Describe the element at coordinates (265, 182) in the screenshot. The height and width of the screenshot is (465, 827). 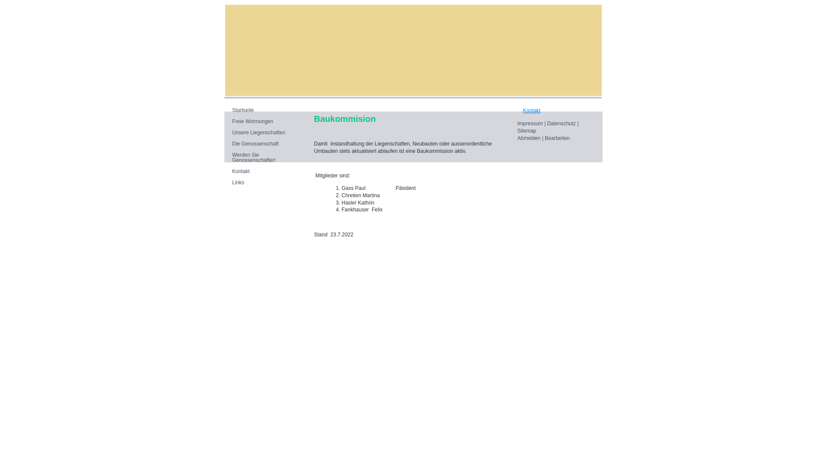
I see `'Links'` at that location.